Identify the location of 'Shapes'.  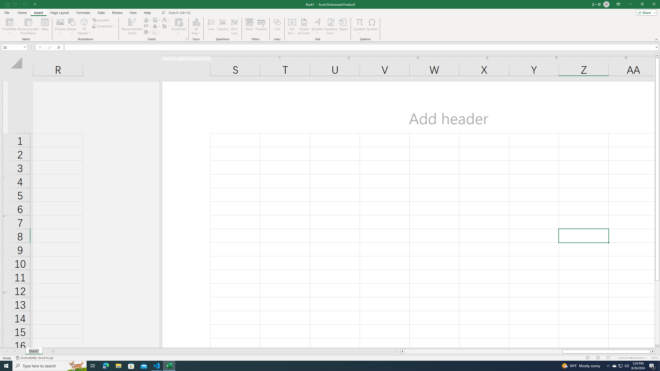
(72, 27).